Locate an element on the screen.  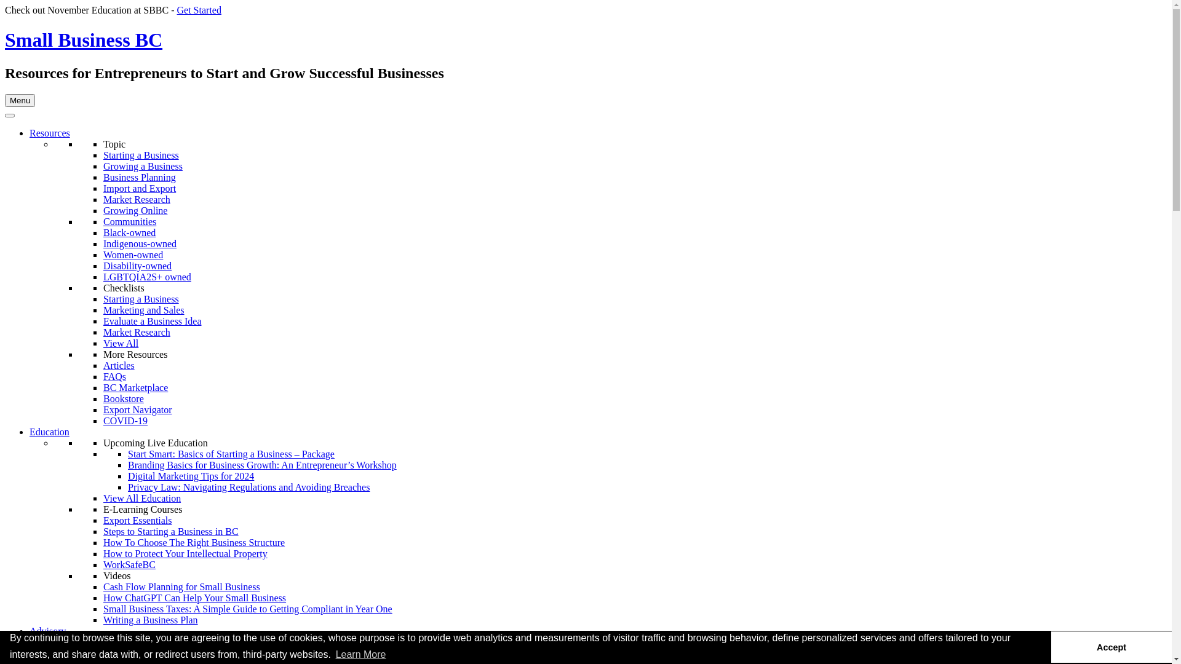
'Privacy Law: Navigating Regulations and Avoiding Breaches' is located at coordinates (248, 486).